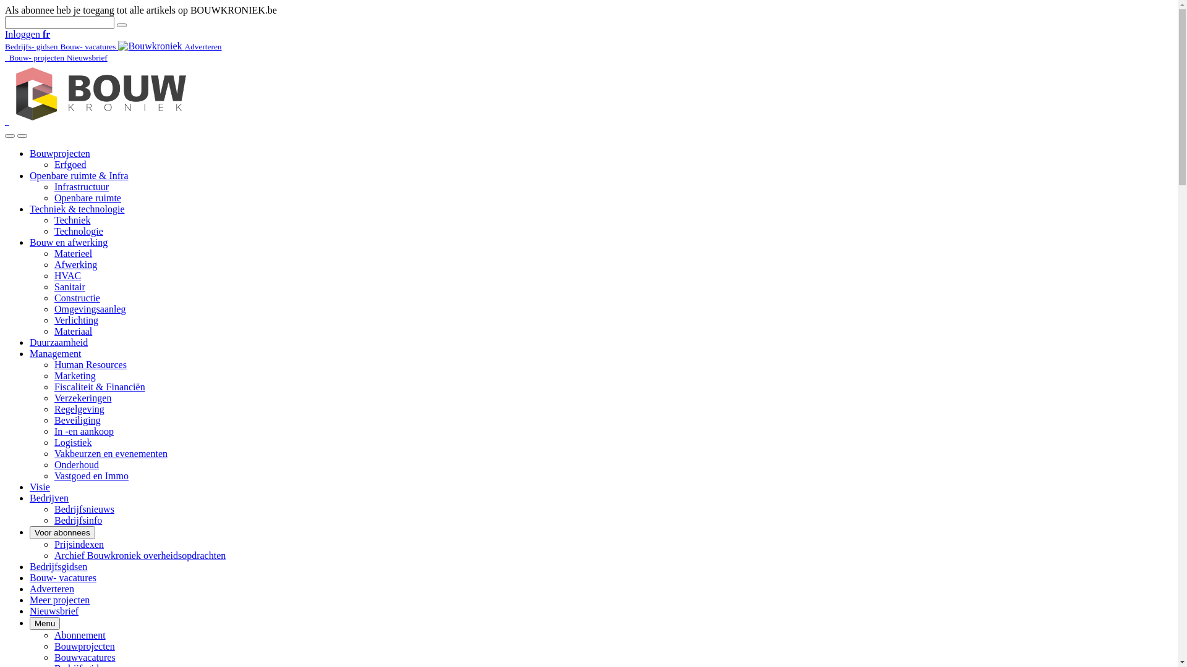 The width and height of the screenshot is (1187, 667). I want to click on 'Logistiek', so click(72, 442).